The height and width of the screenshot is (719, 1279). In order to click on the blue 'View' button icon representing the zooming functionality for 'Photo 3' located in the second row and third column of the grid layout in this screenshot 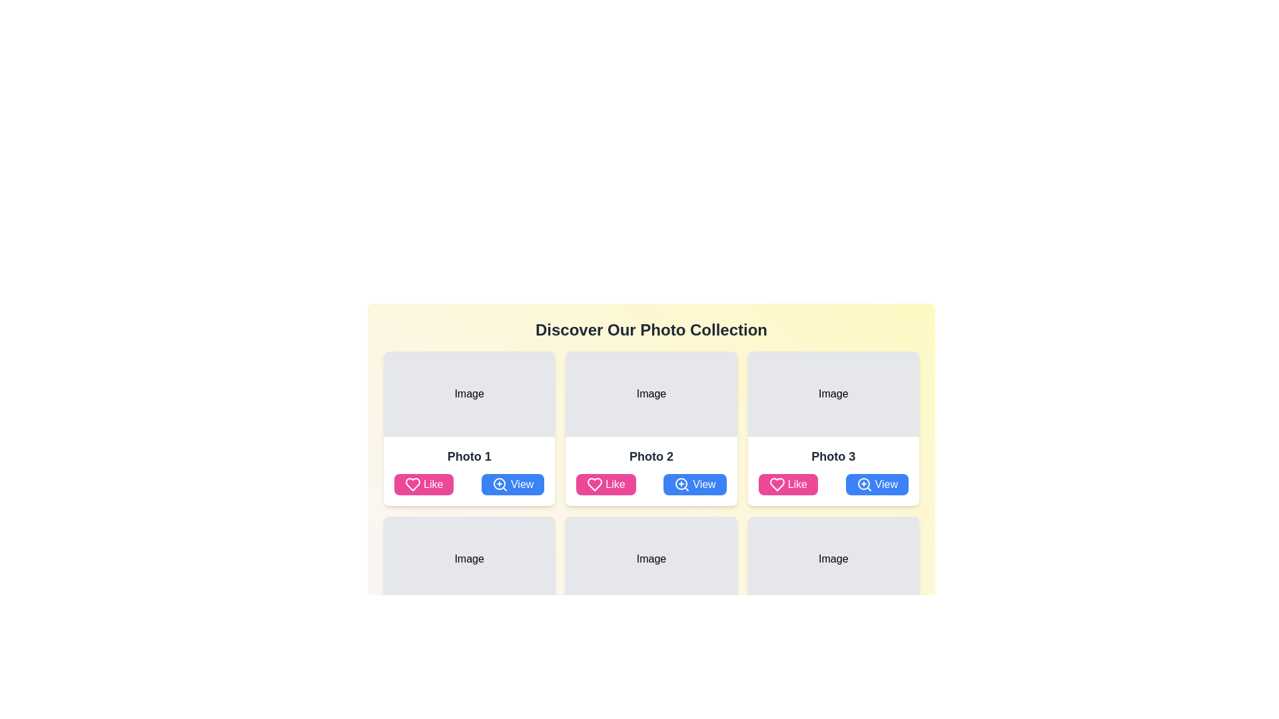, I will do `click(864, 485)`.